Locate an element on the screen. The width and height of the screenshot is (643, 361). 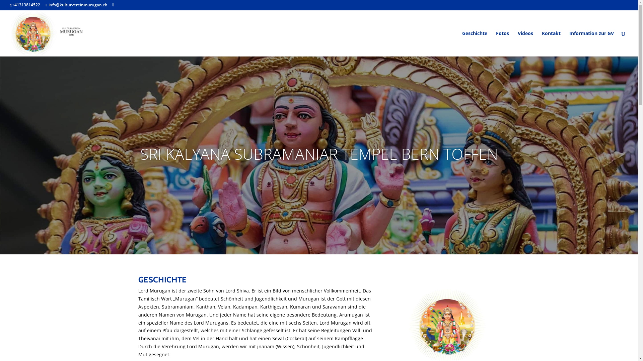
'info@kulturvereinmurugan.ch' is located at coordinates (76, 5).